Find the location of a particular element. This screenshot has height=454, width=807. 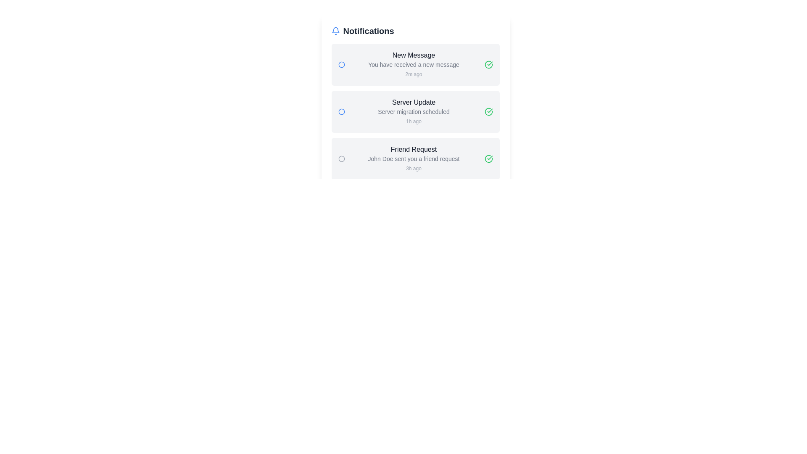

the first circular marker located to the left of the notification text reading 'New Message' is located at coordinates (341, 64).